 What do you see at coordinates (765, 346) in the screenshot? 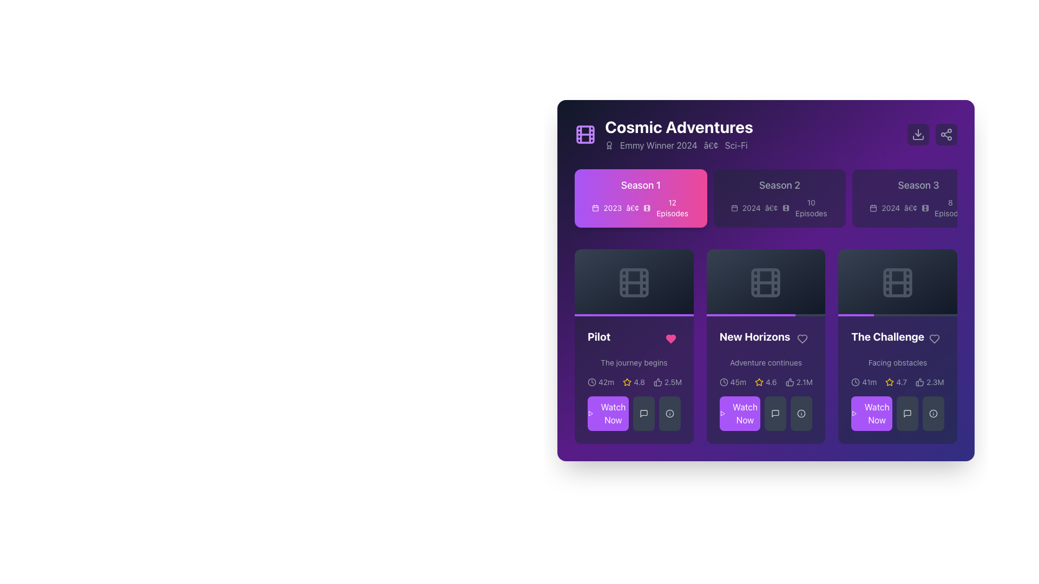
I see `the heart icon located on the card titled 'New Horizons' in the second column of the grid layout under 'Season 1'` at bounding box center [765, 346].